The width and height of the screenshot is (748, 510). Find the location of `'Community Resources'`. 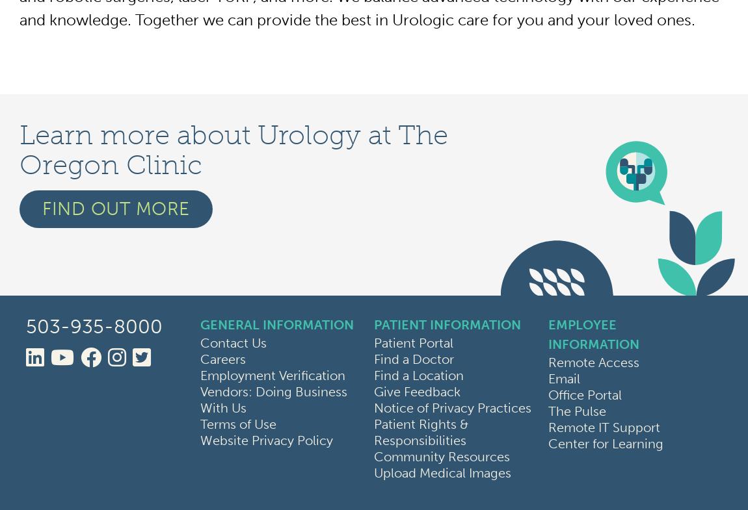

'Community Resources' is located at coordinates (441, 456).